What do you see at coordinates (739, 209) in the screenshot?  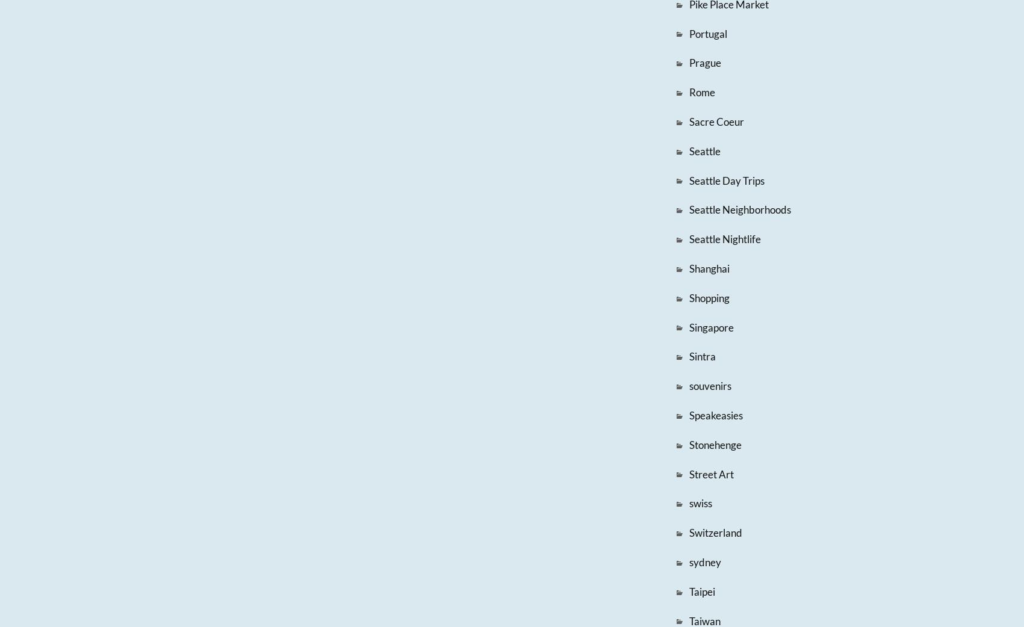 I see `'Seattle Neighborhoods'` at bounding box center [739, 209].